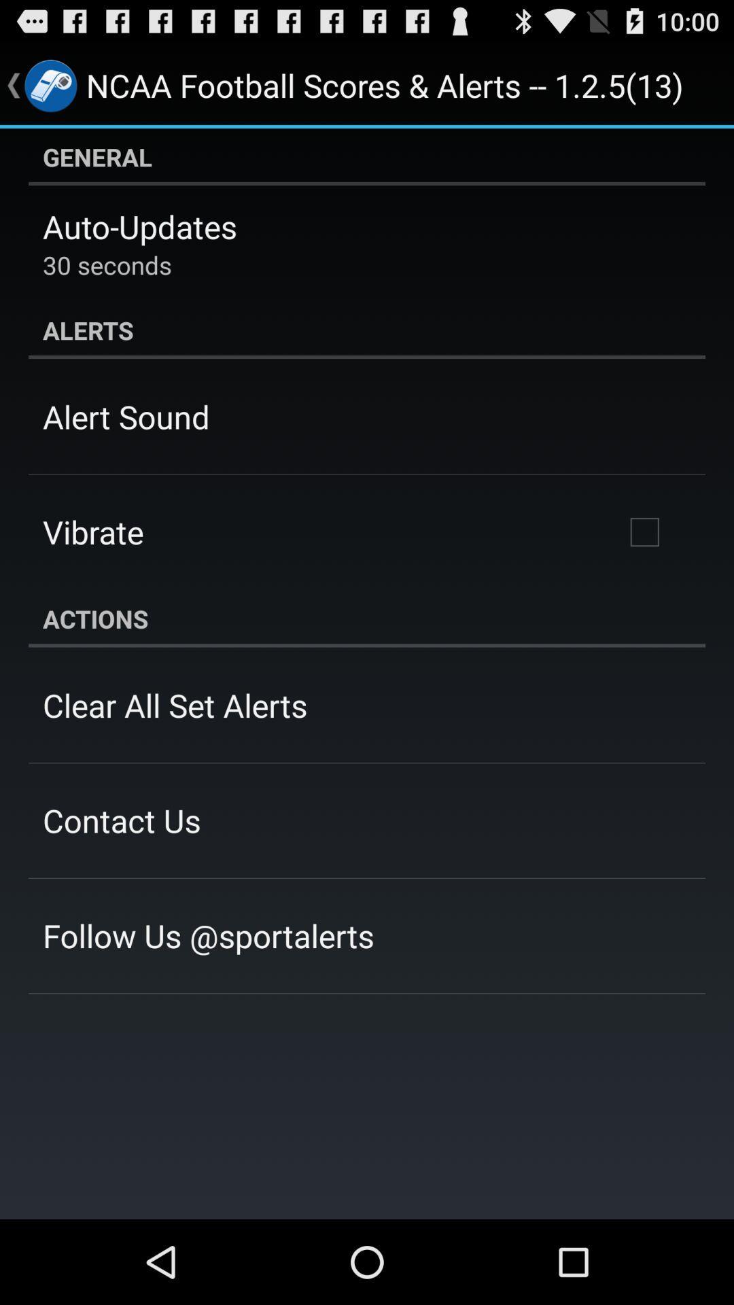 This screenshot has height=1305, width=734. Describe the element at coordinates (174, 705) in the screenshot. I see `the clear all set app` at that location.